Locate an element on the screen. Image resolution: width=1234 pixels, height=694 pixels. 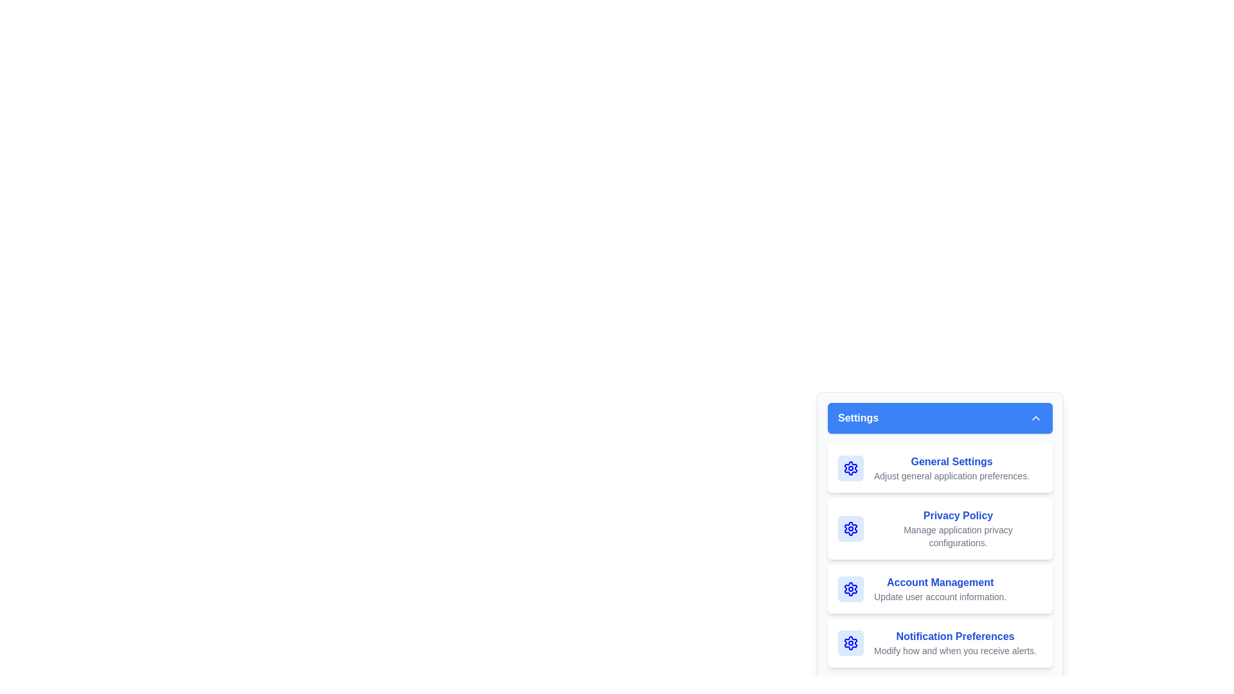
the menu item labeled General Settings is located at coordinates (940, 468).